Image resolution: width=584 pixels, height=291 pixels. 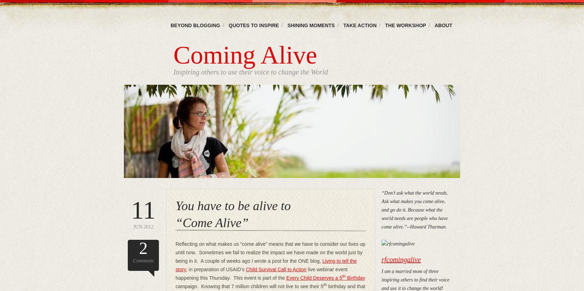 What do you see at coordinates (131, 210) in the screenshot?
I see `'11'` at bounding box center [131, 210].